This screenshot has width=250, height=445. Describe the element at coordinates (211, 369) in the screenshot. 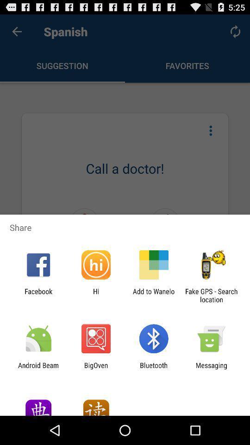

I see `app next to bluetooth app` at that location.